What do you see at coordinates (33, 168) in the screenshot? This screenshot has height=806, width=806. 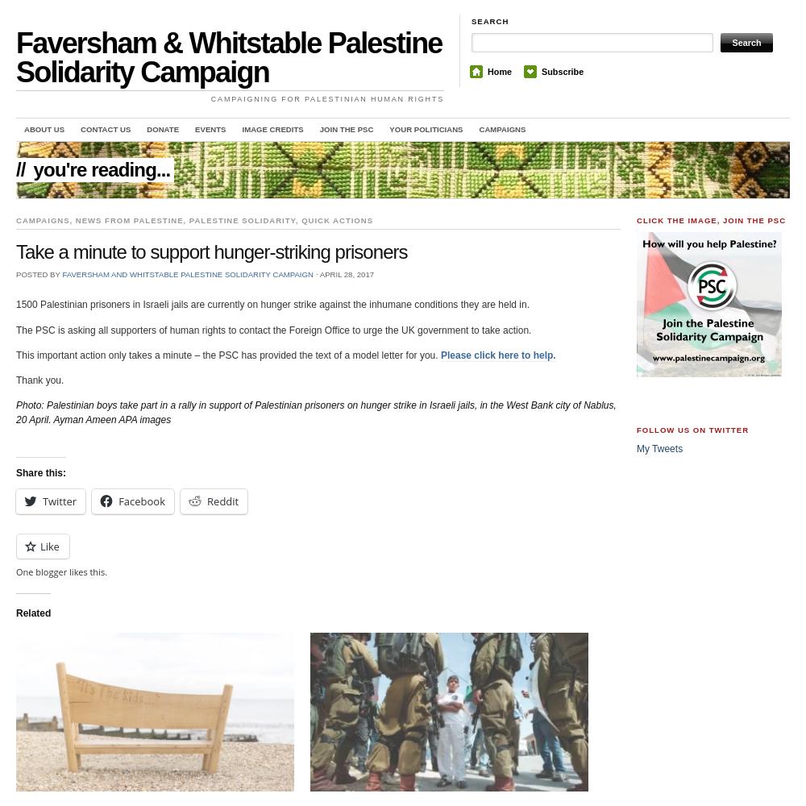 I see `'you're reading...'` at bounding box center [33, 168].